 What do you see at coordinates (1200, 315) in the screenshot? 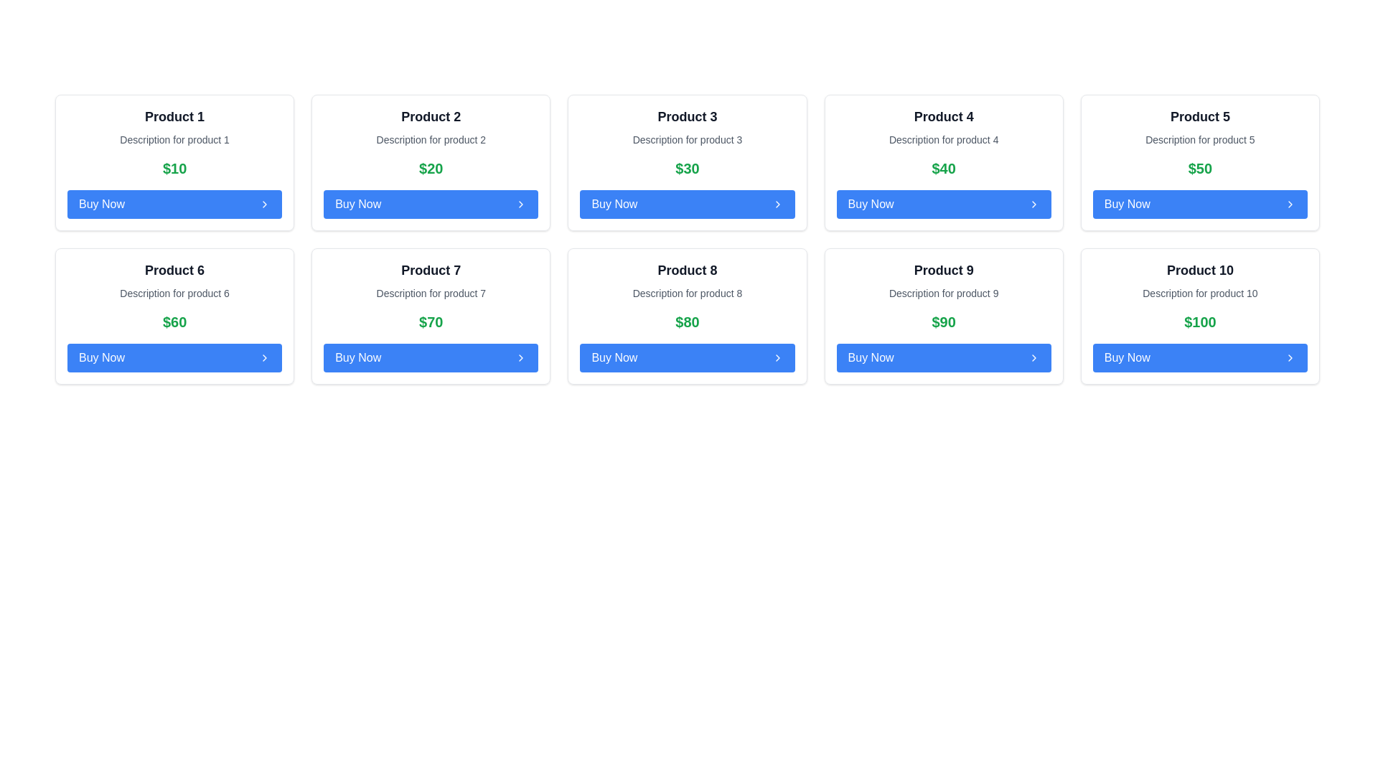
I see `the product card at the bottom right of the grid` at bounding box center [1200, 315].